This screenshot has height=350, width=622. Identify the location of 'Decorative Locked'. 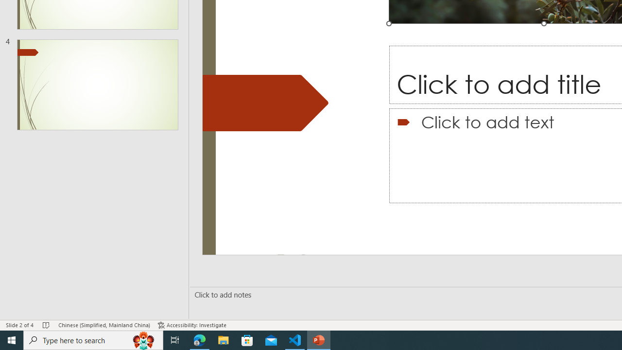
(265, 103).